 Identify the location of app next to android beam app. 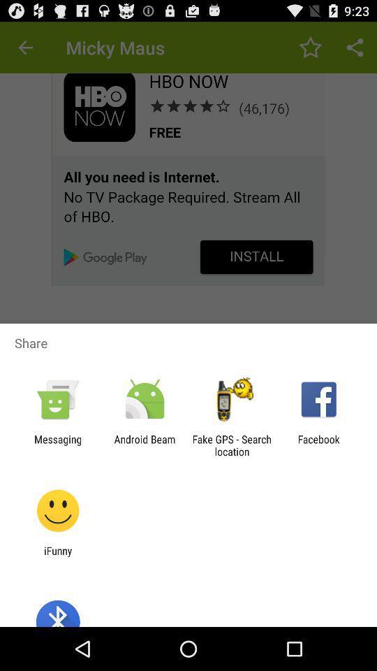
(57, 445).